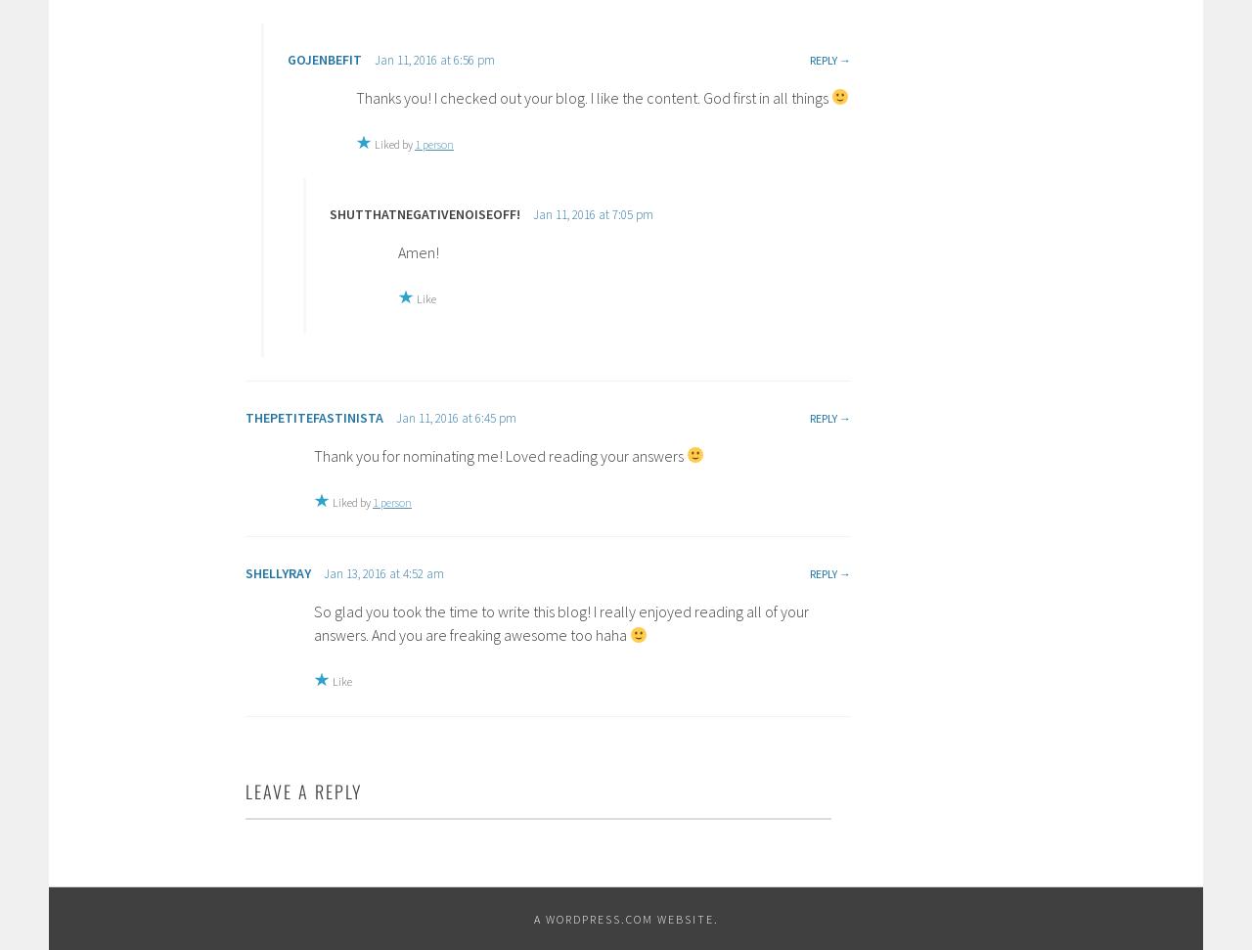 The image size is (1252, 950). Describe the element at coordinates (592, 96) in the screenshot. I see `'Thanks you! I checked out your blog. I like the content. God first in all things'` at that location.